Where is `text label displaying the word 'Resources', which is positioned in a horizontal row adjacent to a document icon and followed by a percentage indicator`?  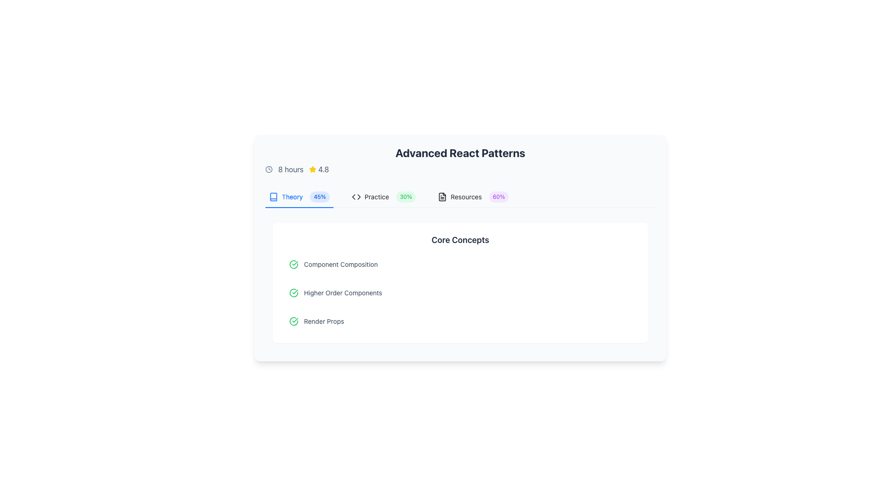
text label displaying the word 'Resources', which is positioned in a horizontal row adjacent to a document icon and followed by a percentage indicator is located at coordinates (466, 196).